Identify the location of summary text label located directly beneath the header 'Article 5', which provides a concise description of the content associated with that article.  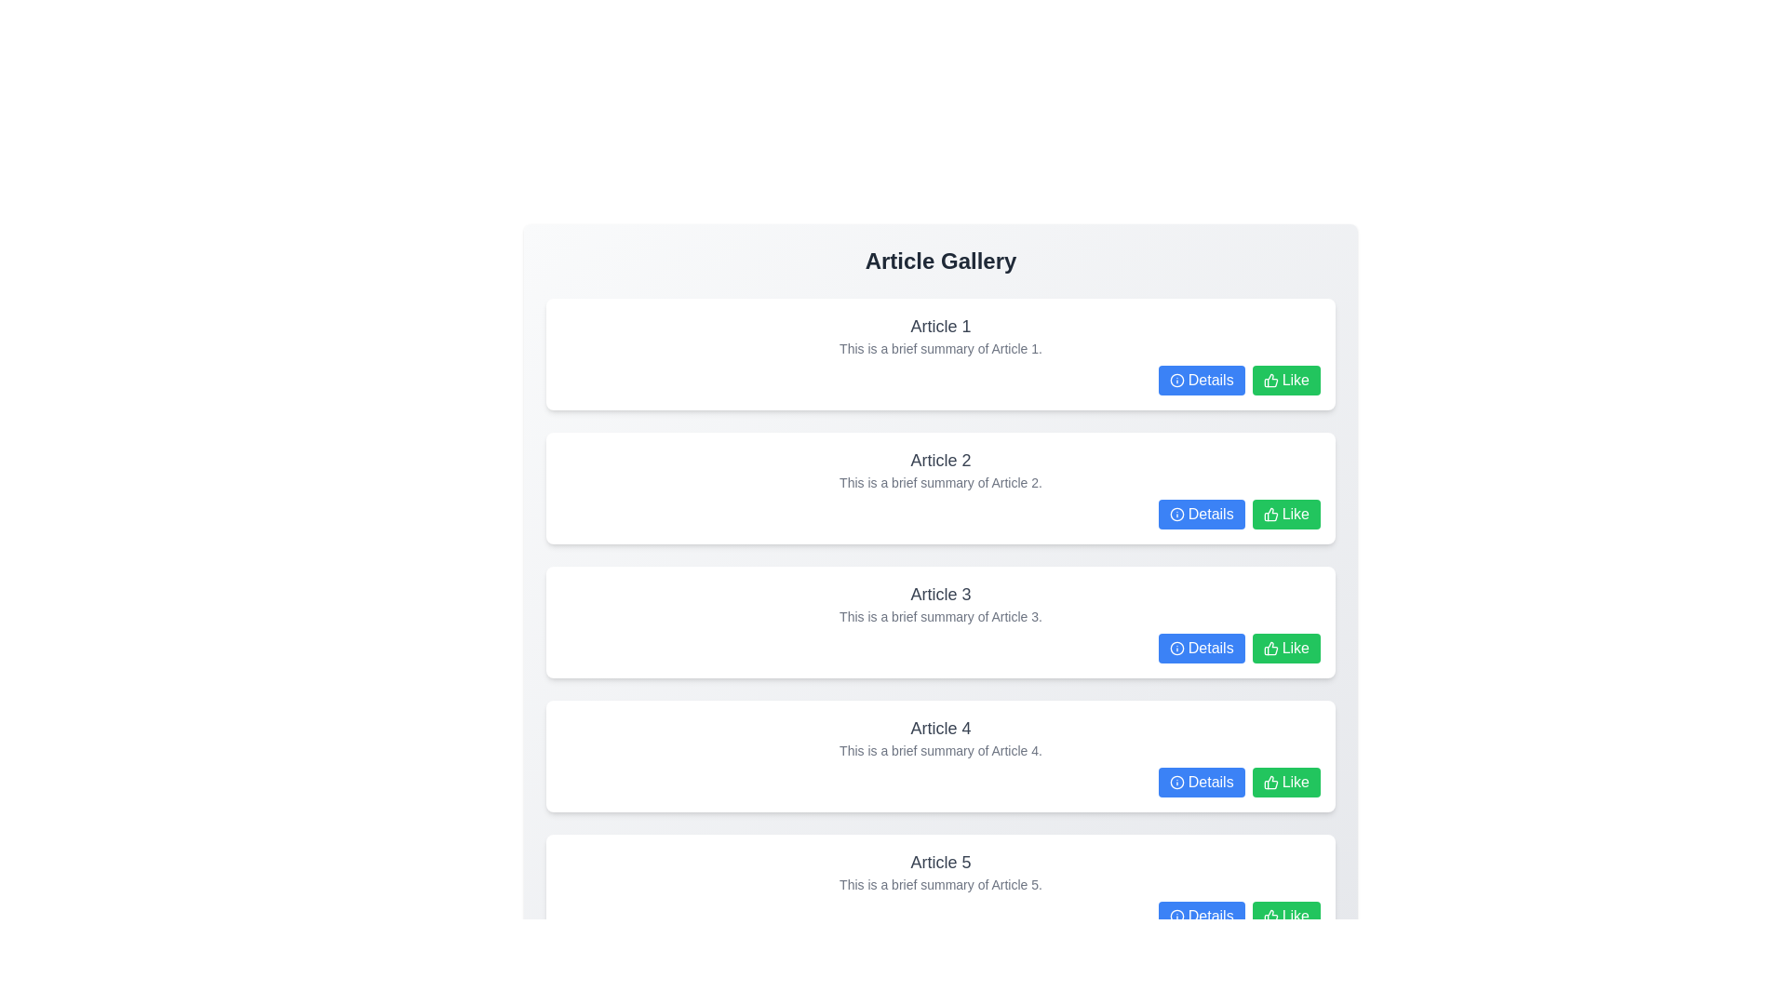
(941, 884).